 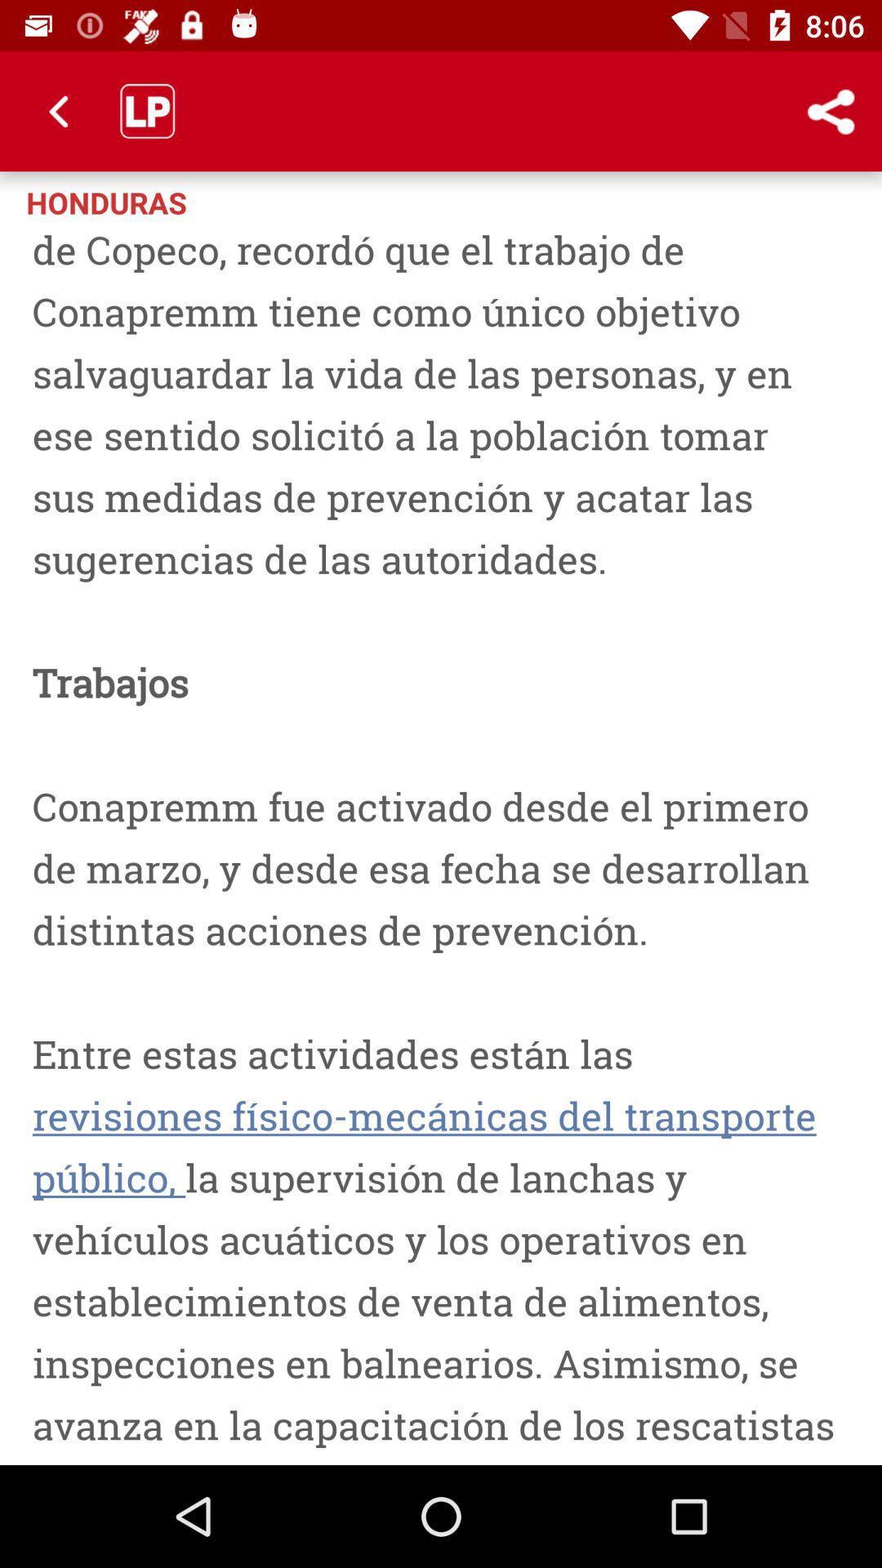 I want to click on item below honduras item, so click(x=441, y=843).